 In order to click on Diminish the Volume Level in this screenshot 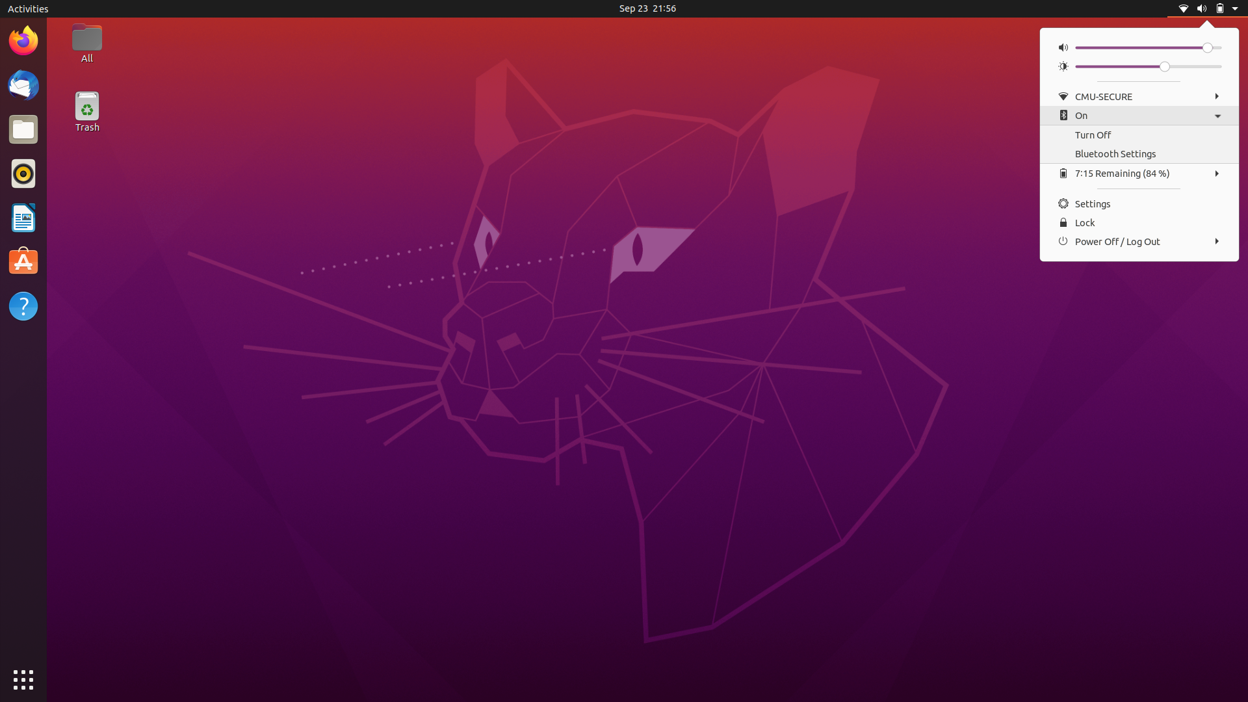, I will do `click(1080, 47)`.